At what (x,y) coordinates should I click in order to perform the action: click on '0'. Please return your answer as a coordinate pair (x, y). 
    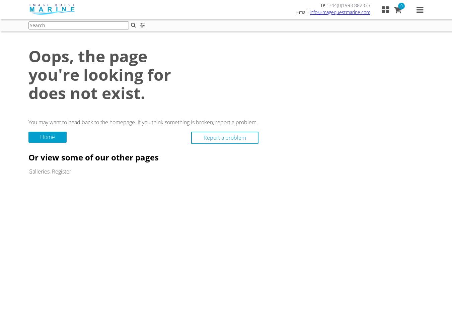
    Looking at the image, I should click on (401, 6).